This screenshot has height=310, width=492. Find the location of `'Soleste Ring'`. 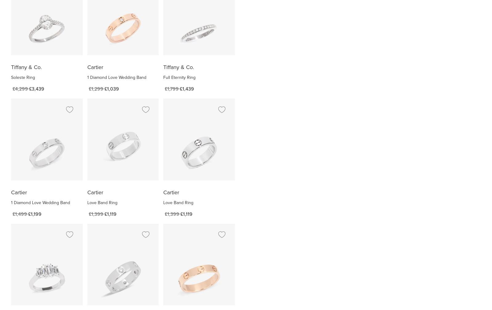

'Soleste Ring' is located at coordinates (23, 77).